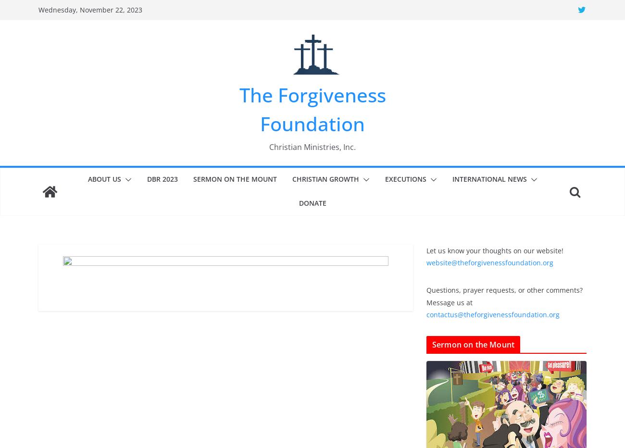  What do you see at coordinates (312, 109) in the screenshot?
I see `'The Forgiveness Foundation'` at bounding box center [312, 109].